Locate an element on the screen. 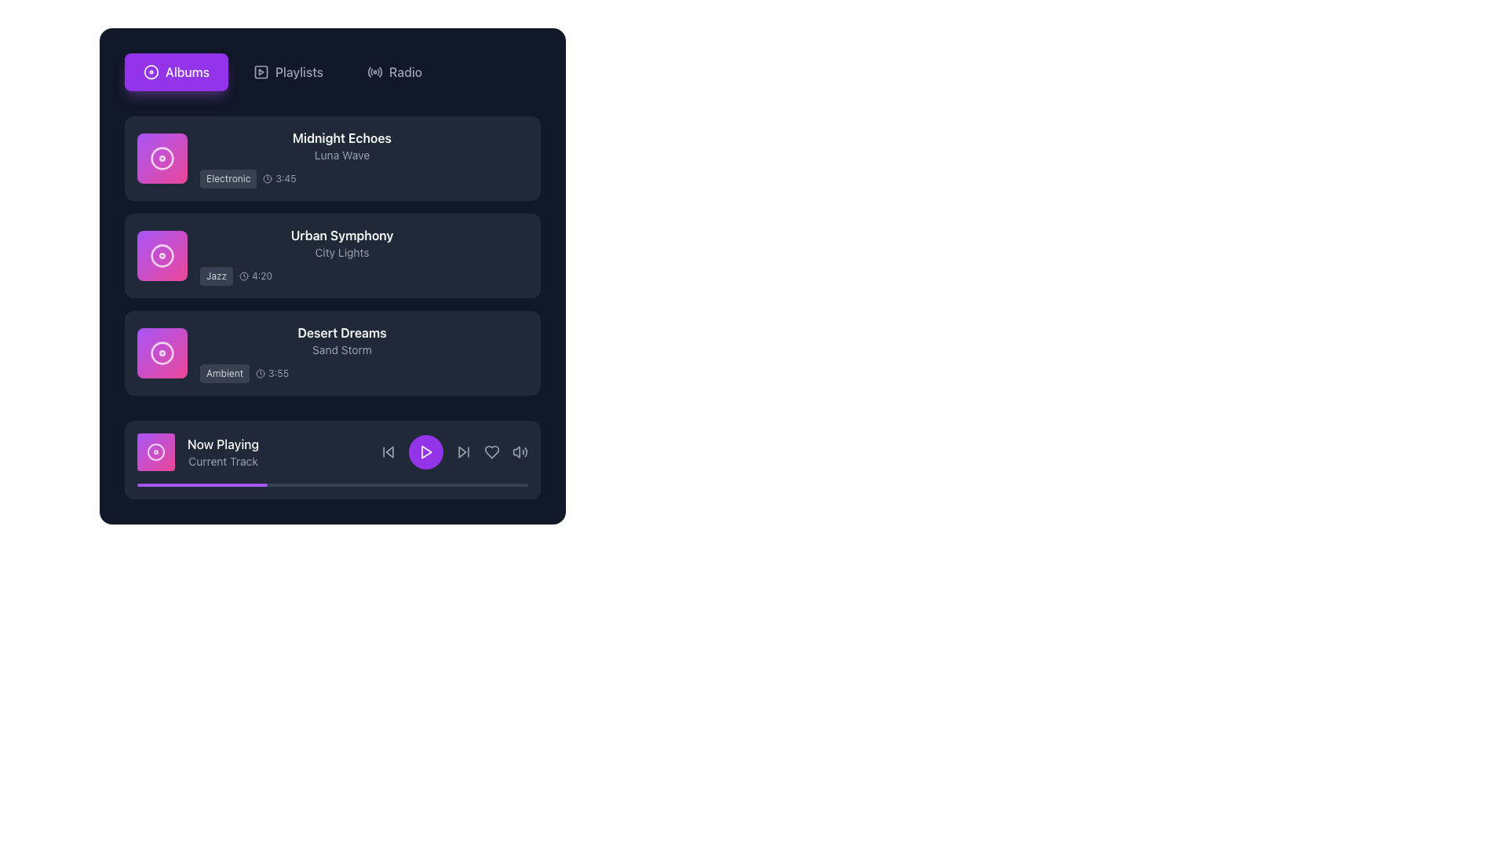 Image resolution: width=1507 pixels, height=848 pixels. the track summary item titled 'Desert Dreams' is located at coordinates (331, 353).